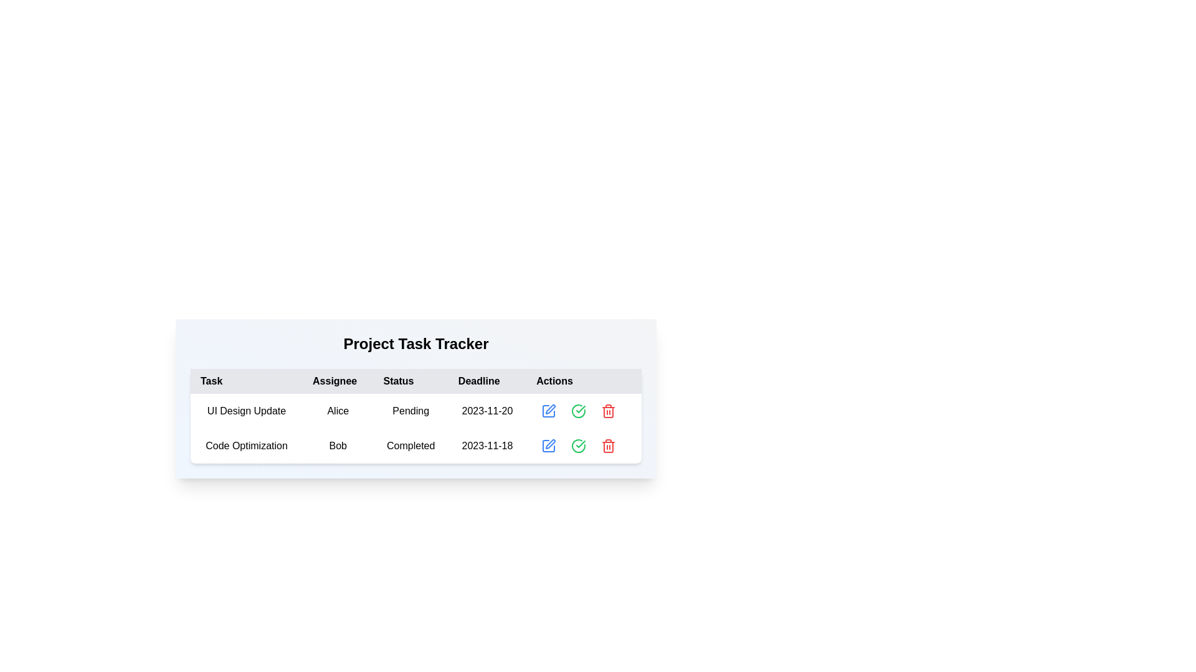 This screenshot has height=672, width=1196. What do you see at coordinates (548, 411) in the screenshot?
I see `the first interactive button in the 'Actions' column of the task table to initiate editing` at bounding box center [548, 411].